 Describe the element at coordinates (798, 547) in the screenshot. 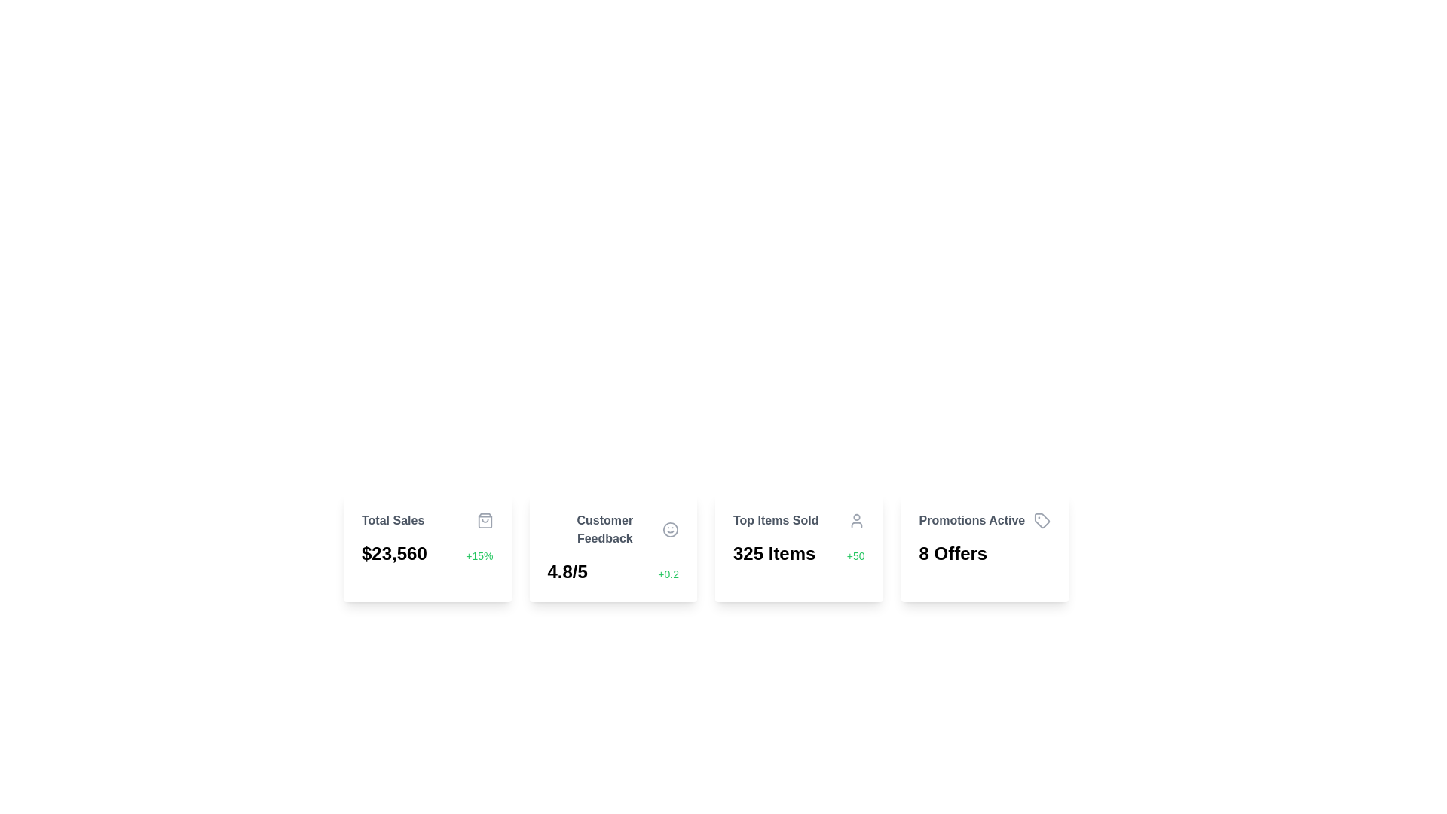

I see `the 'Top Items Sold' card, which is the third card in a grid layout` at that location.